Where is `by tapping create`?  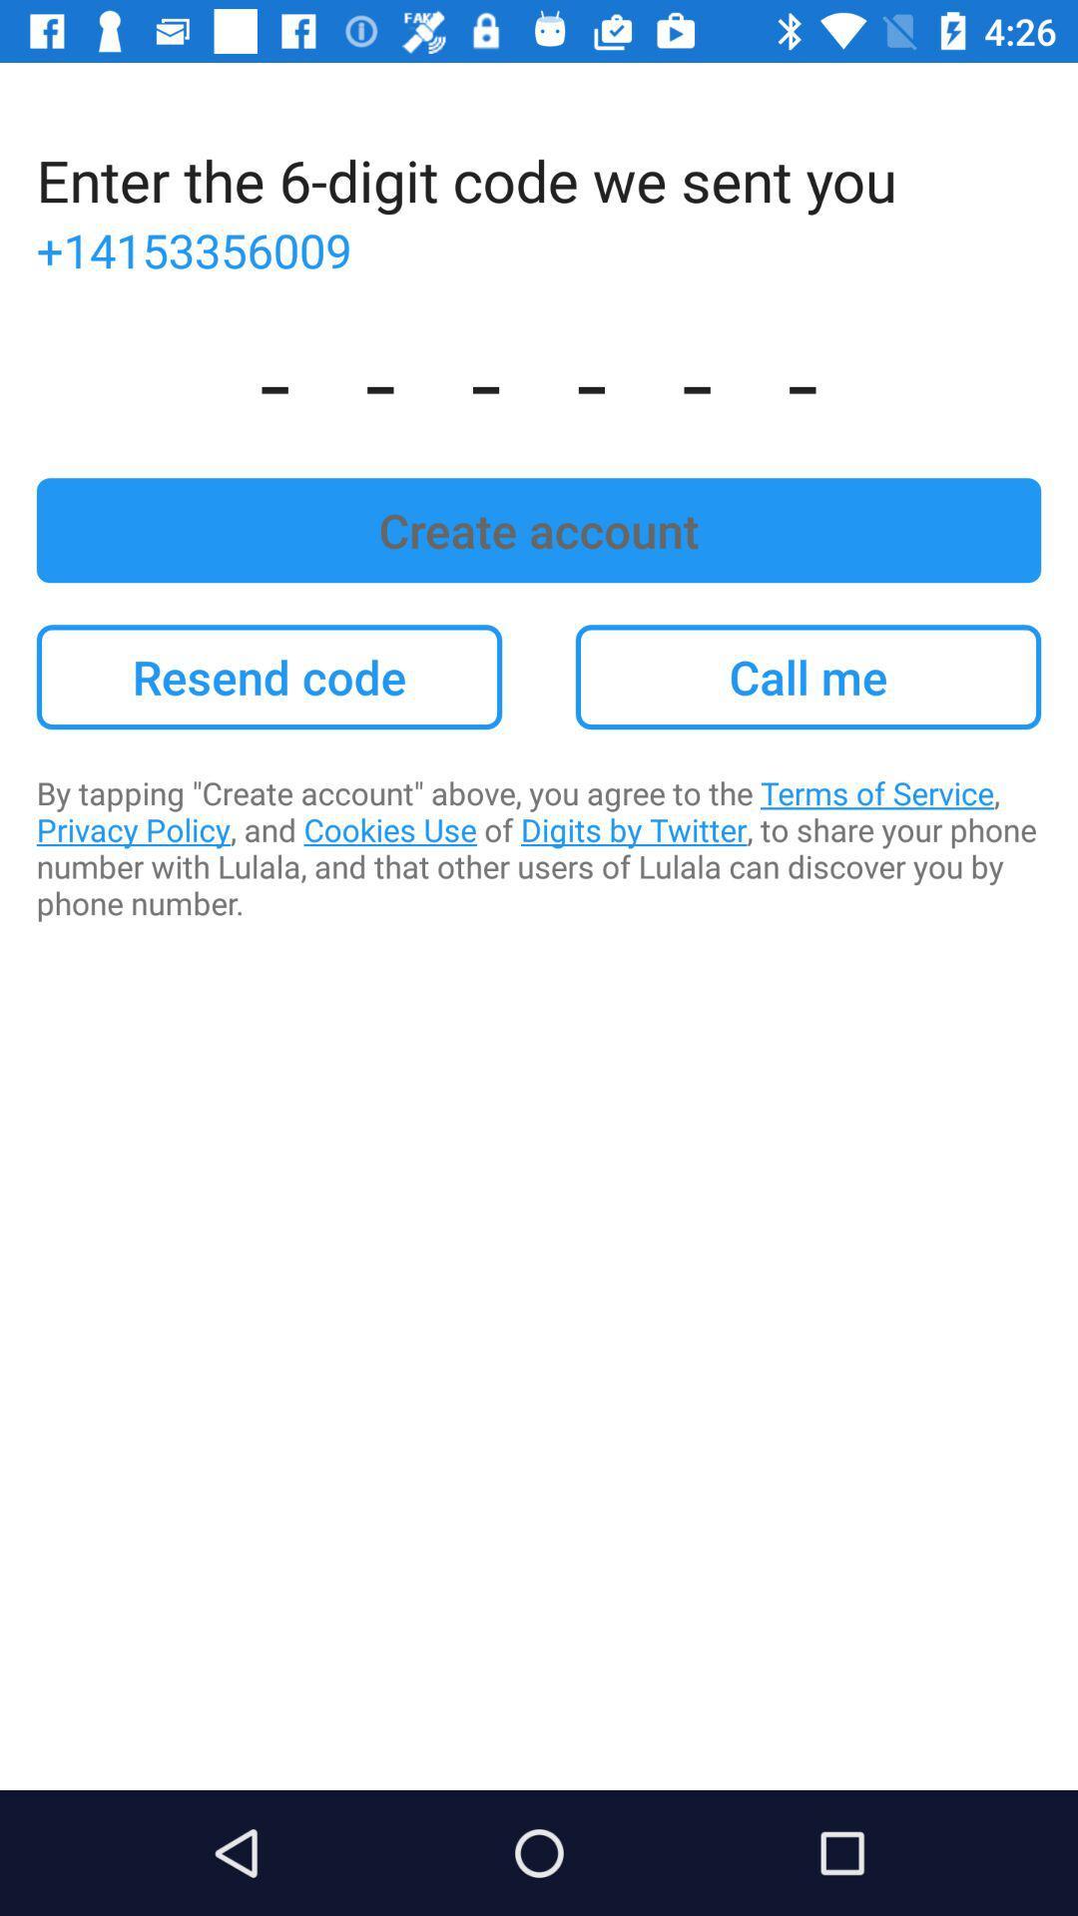
by tapping create is located at coordinates (539, 847).